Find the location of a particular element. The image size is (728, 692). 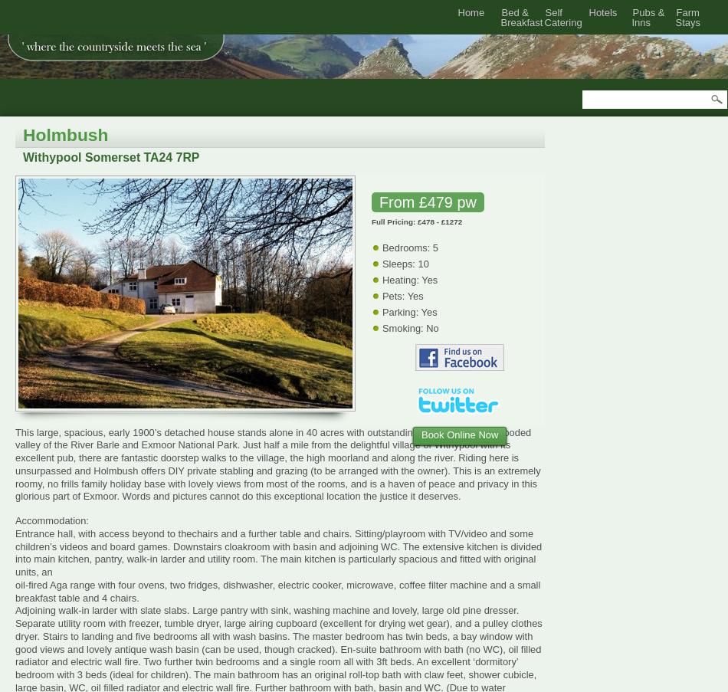

'This large, spacious, early 1900’s detached house stands alone in 40 acres with outstanding views across the wooded valley of the River Barle and Exmoor National Park. Just half a mile from the delightful village of Withypool with its excellent pub, there are fantastic doorstep walks to the village, the high moorland and along the river. Riding here is unsurpassed and Holmbush offers DIY private stabling and grazing (to be arranged with the owner). This is an extremely roomy, no frills family holiday base with lovely views from most of the rooms, and is a haven of peace and privacy in this glorious part of Exmoor. Words and pictures cannot do this exceptional location the justice it deserves.' is located at coordinates (277, 464).